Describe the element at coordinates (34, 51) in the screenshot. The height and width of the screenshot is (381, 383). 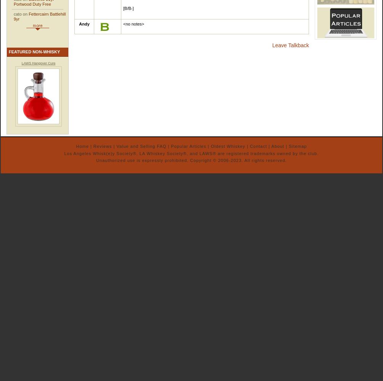
I see `'Featured Non-Whisky'` at that location.